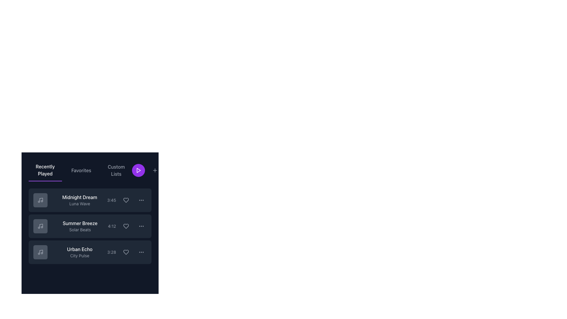 The width and height of the screenshot is (567, 319). Describe the element at coordinates (126, 252) in the screenshot. I see `the heart-shaped icon button that allows users to mark the media item as a favorite, which is positioned to the right of the third item in the 'Recently Played' list, aligned with the song duration text ('3:28')` at that location.